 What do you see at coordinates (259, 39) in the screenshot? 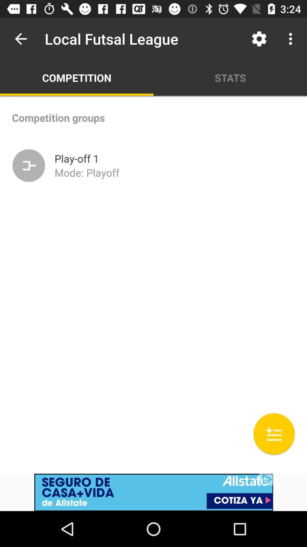
I see `the settings icon` at bounding box center [259, 39].